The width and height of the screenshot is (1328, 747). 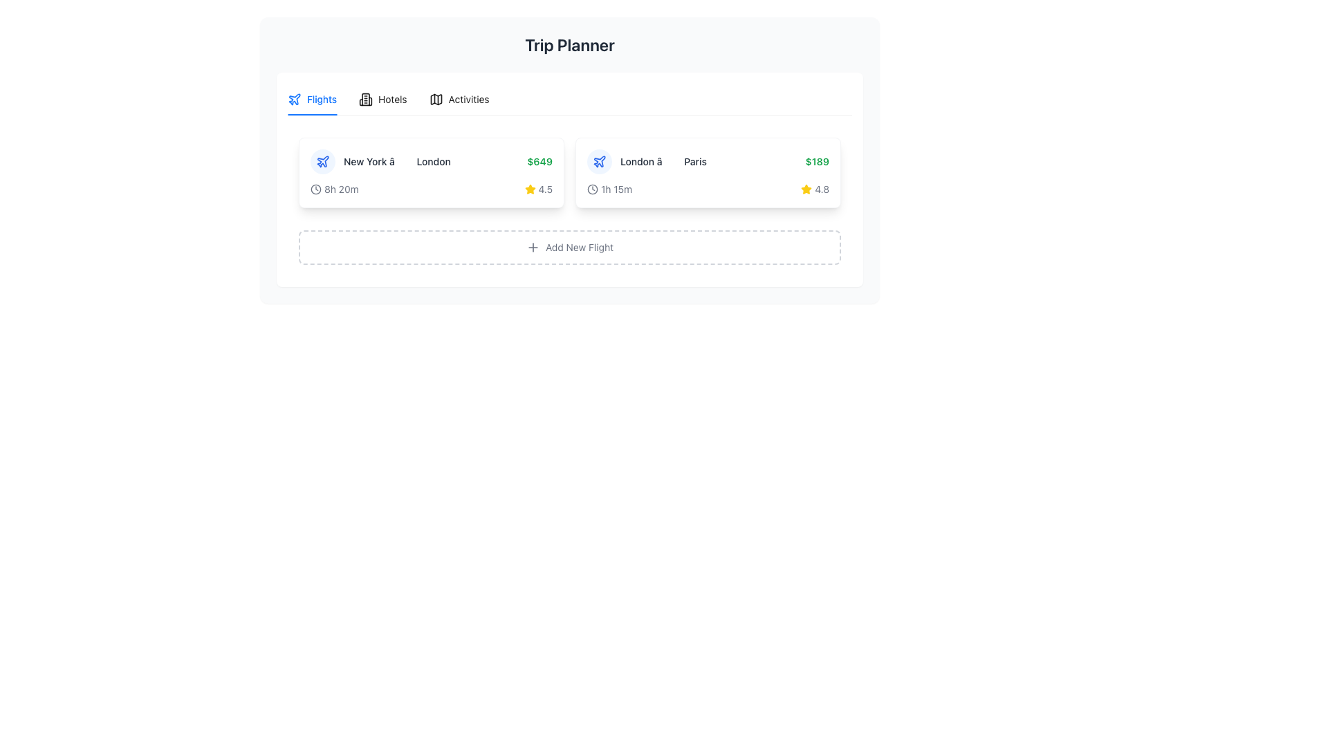 I want to click on the small, stylized icon resembling a folded map located in the horizontal menu at the top of the central content box, positioned between the 'Flights' and 'Activities' icons, so click(x=435, y=98).